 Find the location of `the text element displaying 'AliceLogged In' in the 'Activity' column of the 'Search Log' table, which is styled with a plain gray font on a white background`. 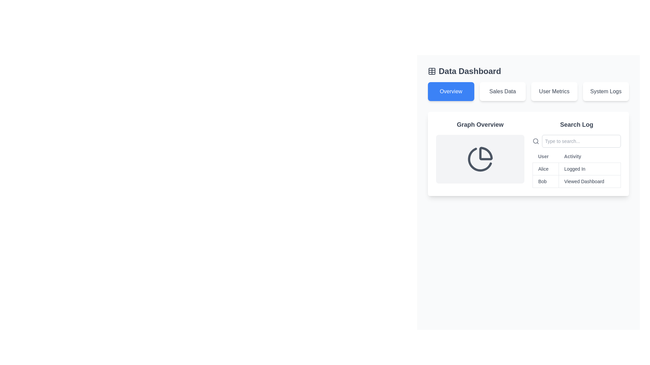

the text element displaying 'AliceLogged In' in the 'Activity' column of the 'Search Log' table, which is styled with a plain gray font on a white background is located at coordinates (576, 169).